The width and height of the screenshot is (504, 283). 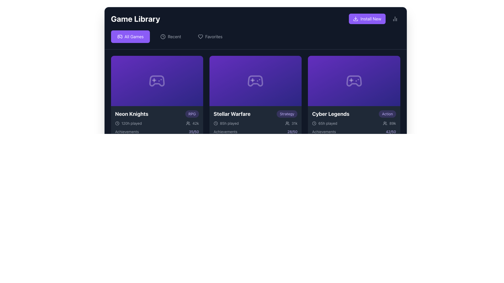 What do you see at coordinates (395, 19) in the screenshot?
I see `the vertically oriented bar chart icon located at the top-left corner of the page` at bounding box center [395, 19].